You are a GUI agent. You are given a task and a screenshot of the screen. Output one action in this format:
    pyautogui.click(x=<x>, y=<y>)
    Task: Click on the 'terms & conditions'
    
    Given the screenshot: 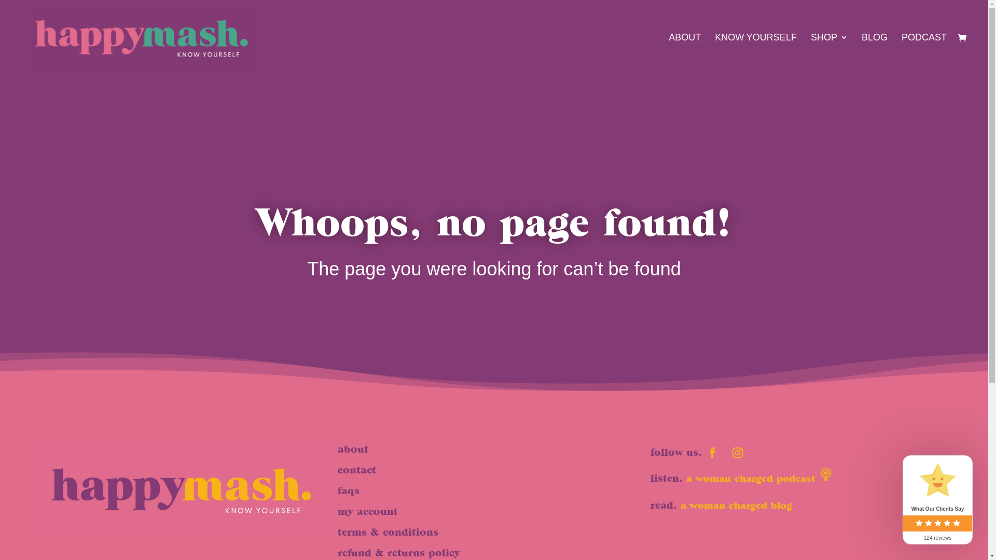 What is the action you would take?
    pyautogui.click(x=388, y=532)
    